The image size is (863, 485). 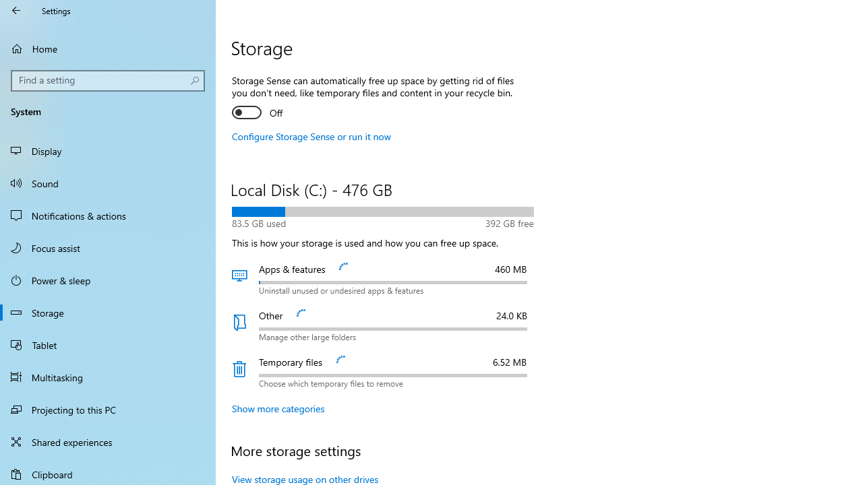 What do you see at coordinates (108, 247) in the screenshot?
I see `'Focus assist'` at bounding box center [108, 247].